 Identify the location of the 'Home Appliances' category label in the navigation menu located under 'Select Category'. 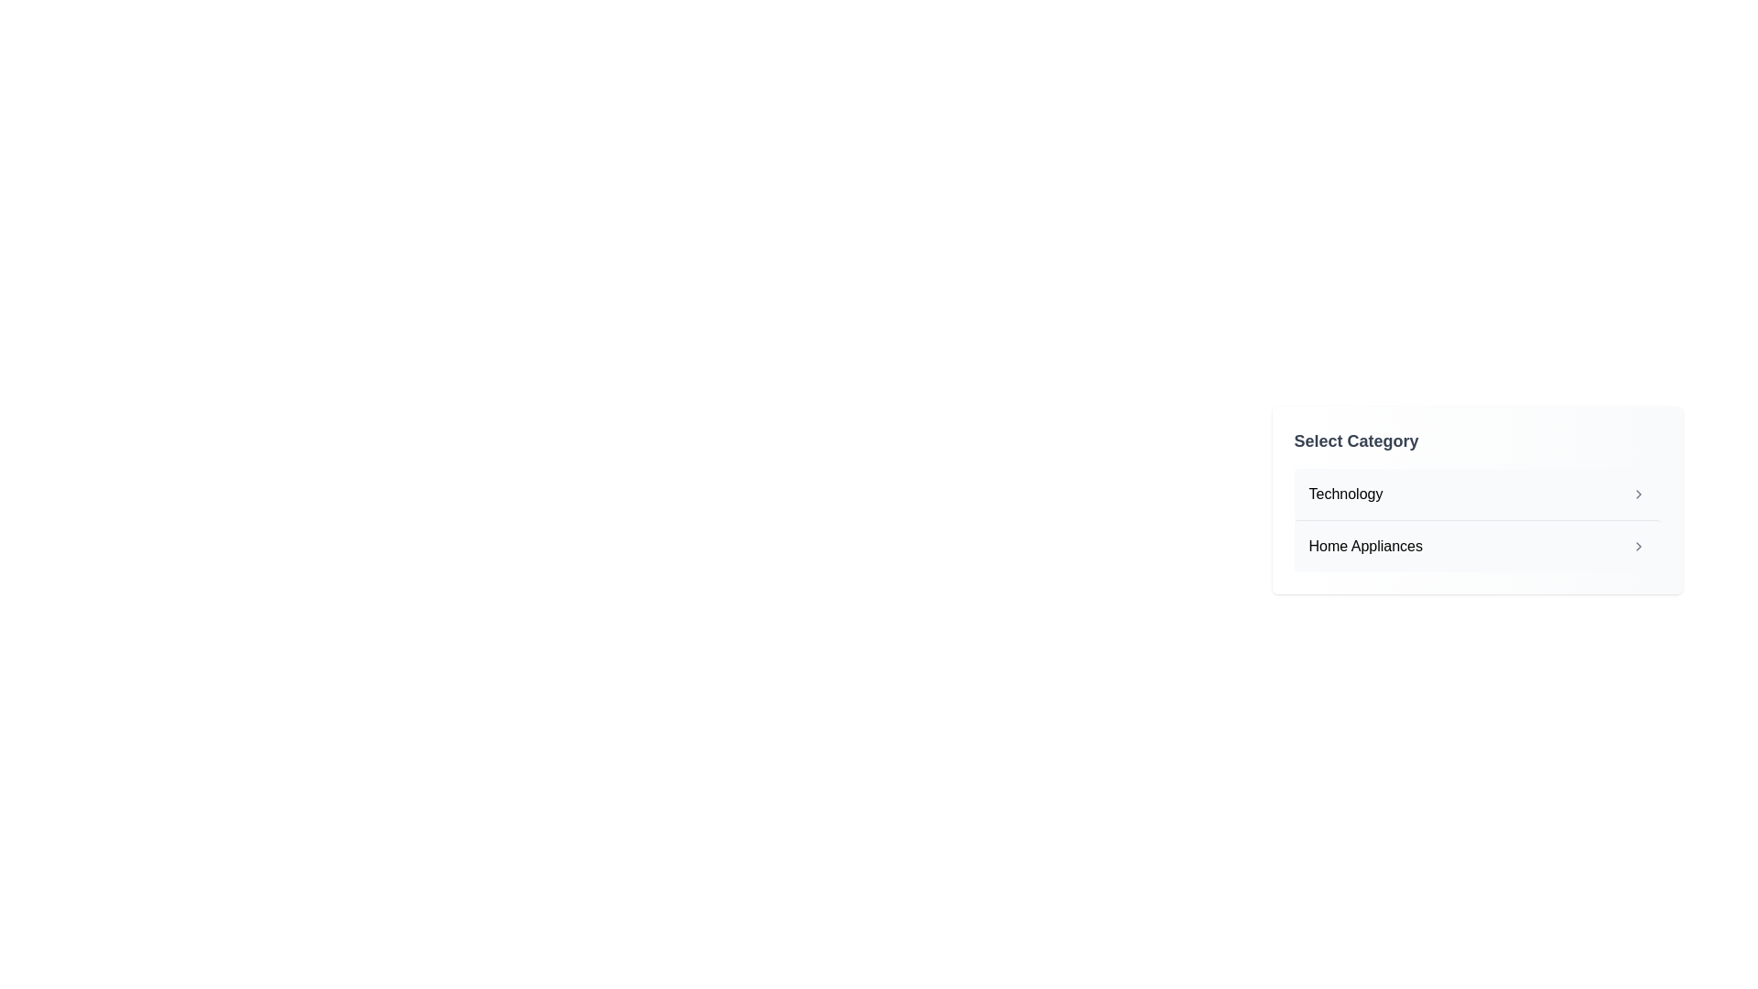
(1365, 546).